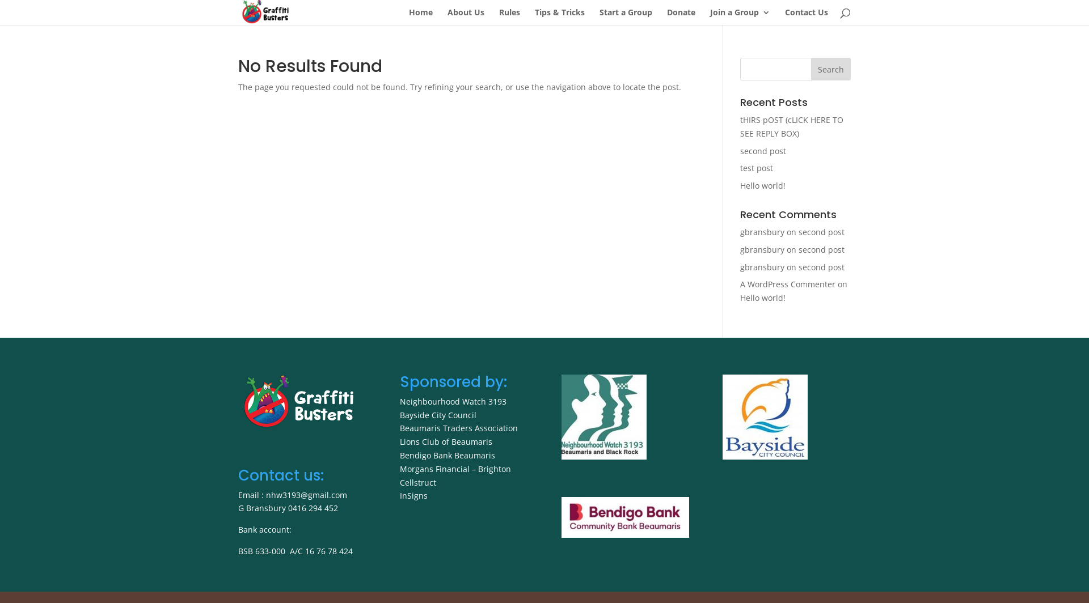 Image resolution: width=1089 pixels, height=612 pixels. I want to click on 'Search', so click(830, 69).